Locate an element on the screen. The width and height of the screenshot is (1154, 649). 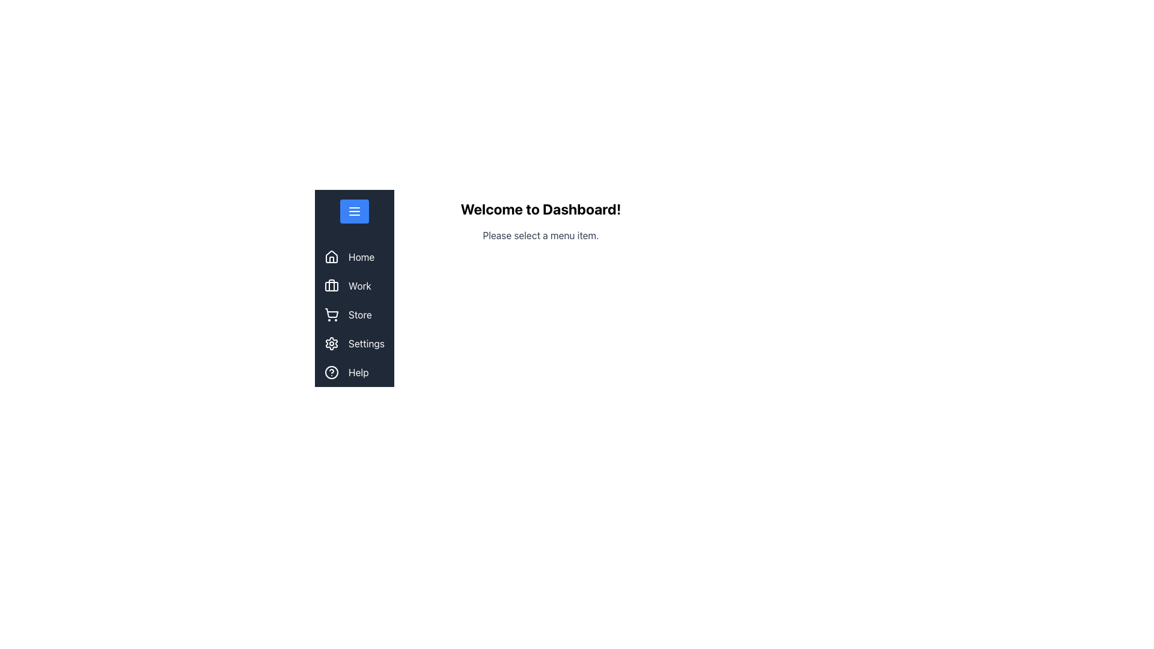
the 'Settings' text label in the vertical menu is located at coordinates (365, 343).